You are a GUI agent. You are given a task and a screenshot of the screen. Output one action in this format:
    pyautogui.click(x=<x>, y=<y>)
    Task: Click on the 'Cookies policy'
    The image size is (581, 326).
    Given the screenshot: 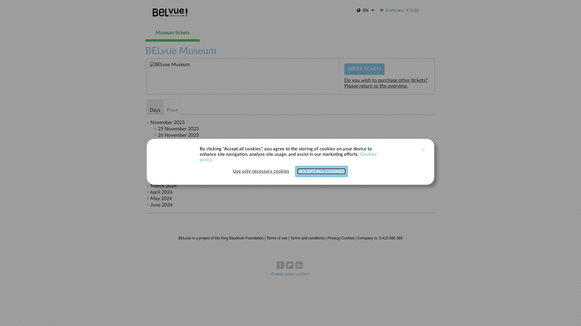 What is the action you would take?
    pyautogui.click(x=271, y=274)
    